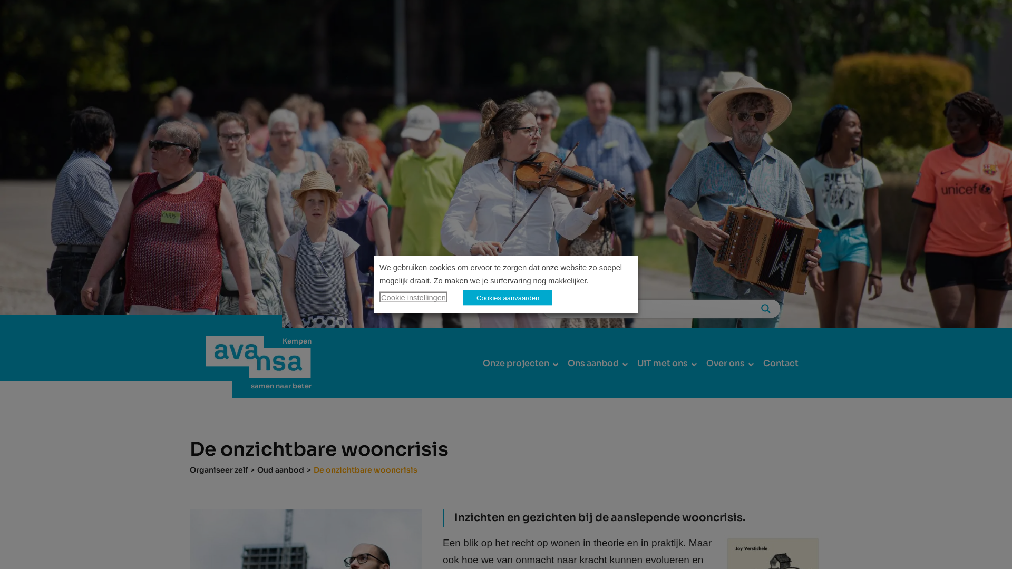  What do you see at coordinates (463, 297) in the screenshot?
I see `'Cookies aanvaarden'` at bounding box center [463, 297].